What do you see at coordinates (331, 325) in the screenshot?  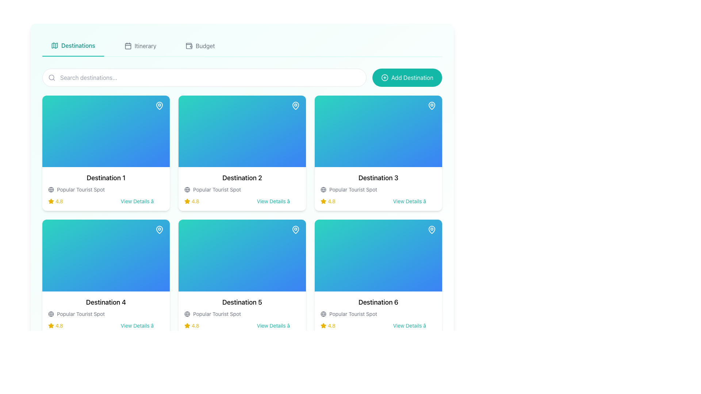 I see `the rating text '4.8' styled in yellow font, located next to a star icon on the sixth card of the grid layout for 'Destination 6'` at bounding box center [331, 325].